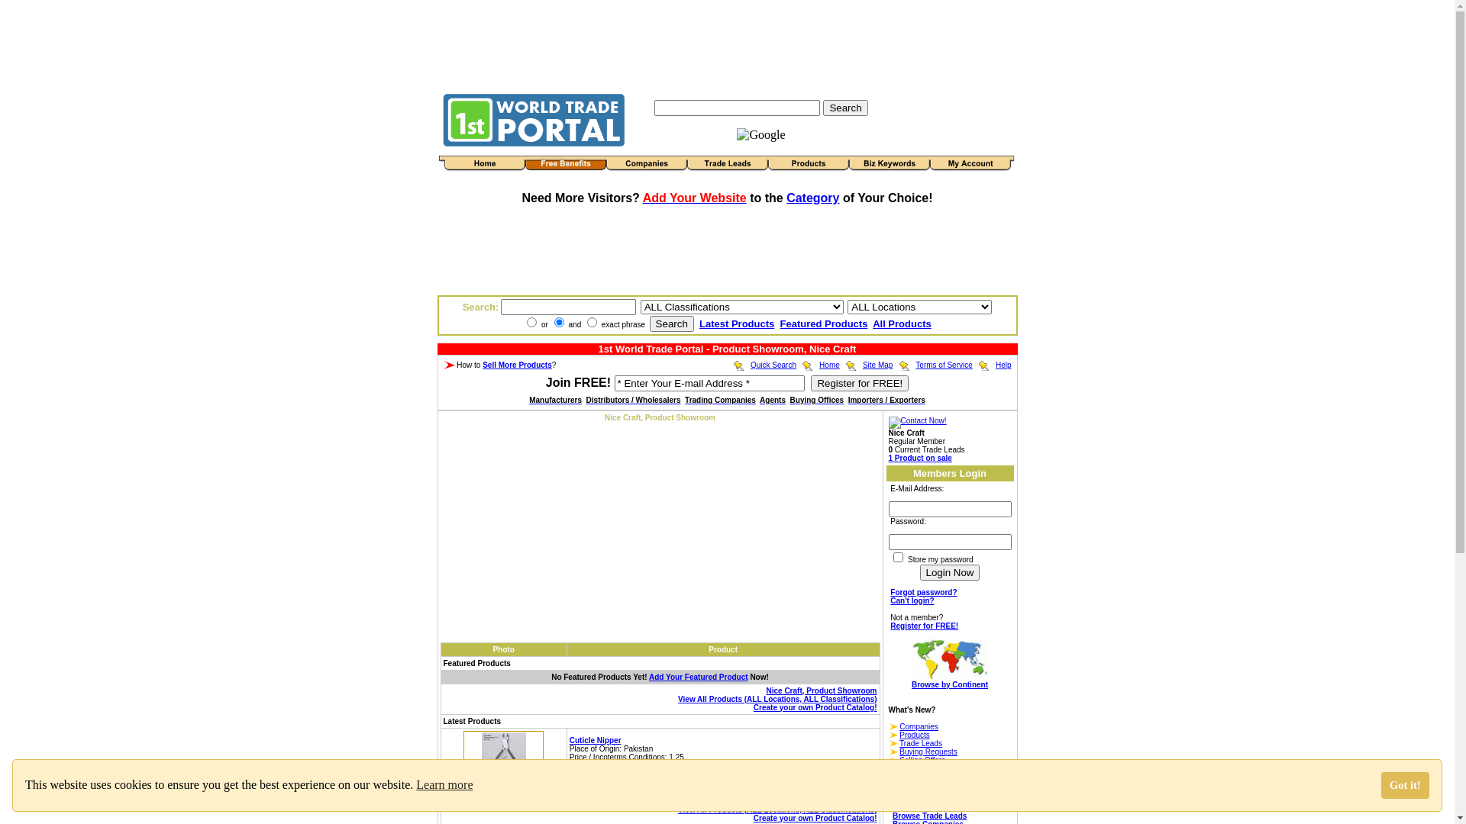  Describe the element at coordinates (948, 572) in the screenshot. I see `'Login Now'` at that location.